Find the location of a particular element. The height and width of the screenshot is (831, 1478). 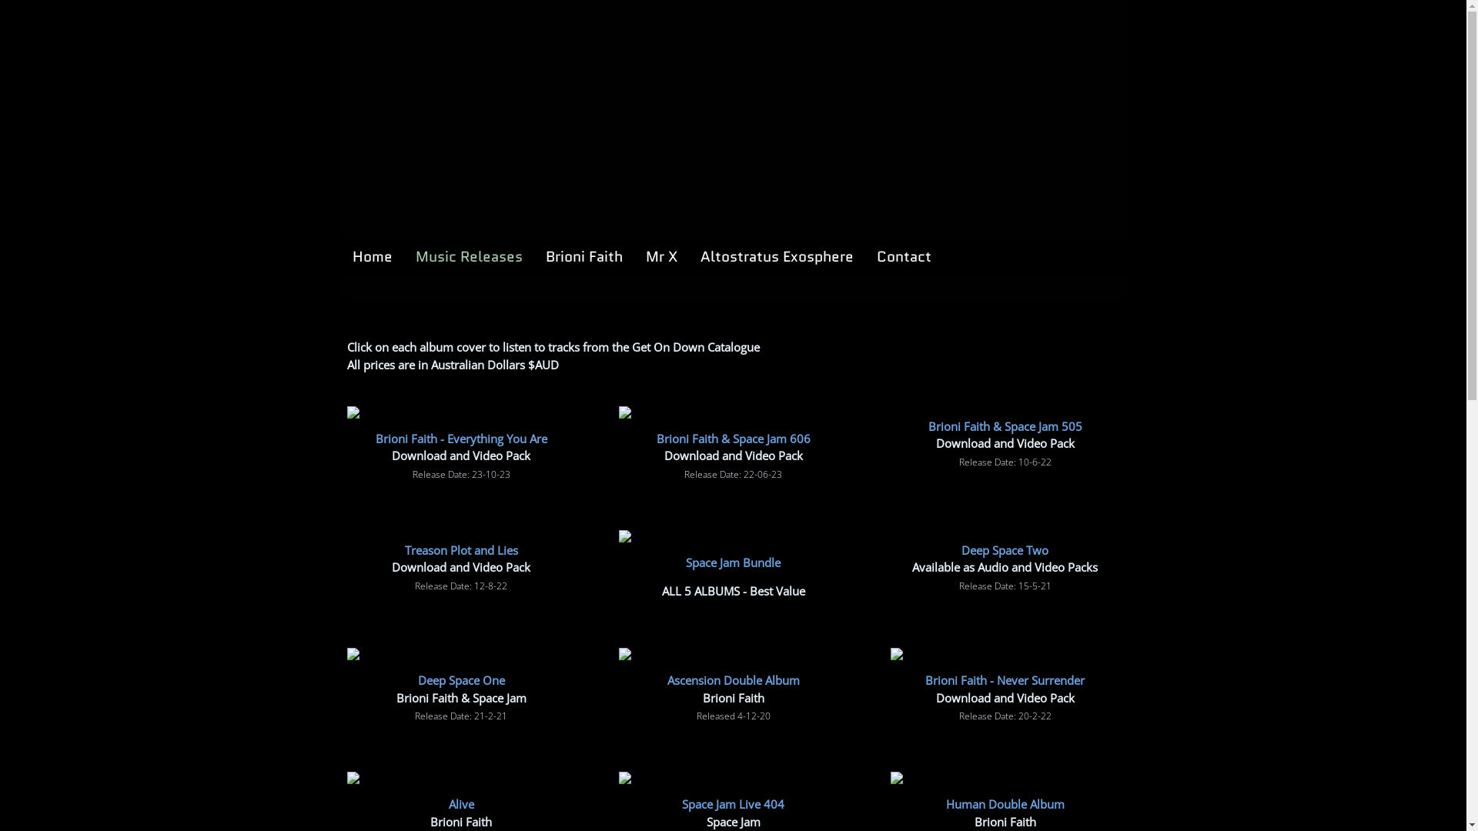

'Mr X' is located at coordinates (637, 256).